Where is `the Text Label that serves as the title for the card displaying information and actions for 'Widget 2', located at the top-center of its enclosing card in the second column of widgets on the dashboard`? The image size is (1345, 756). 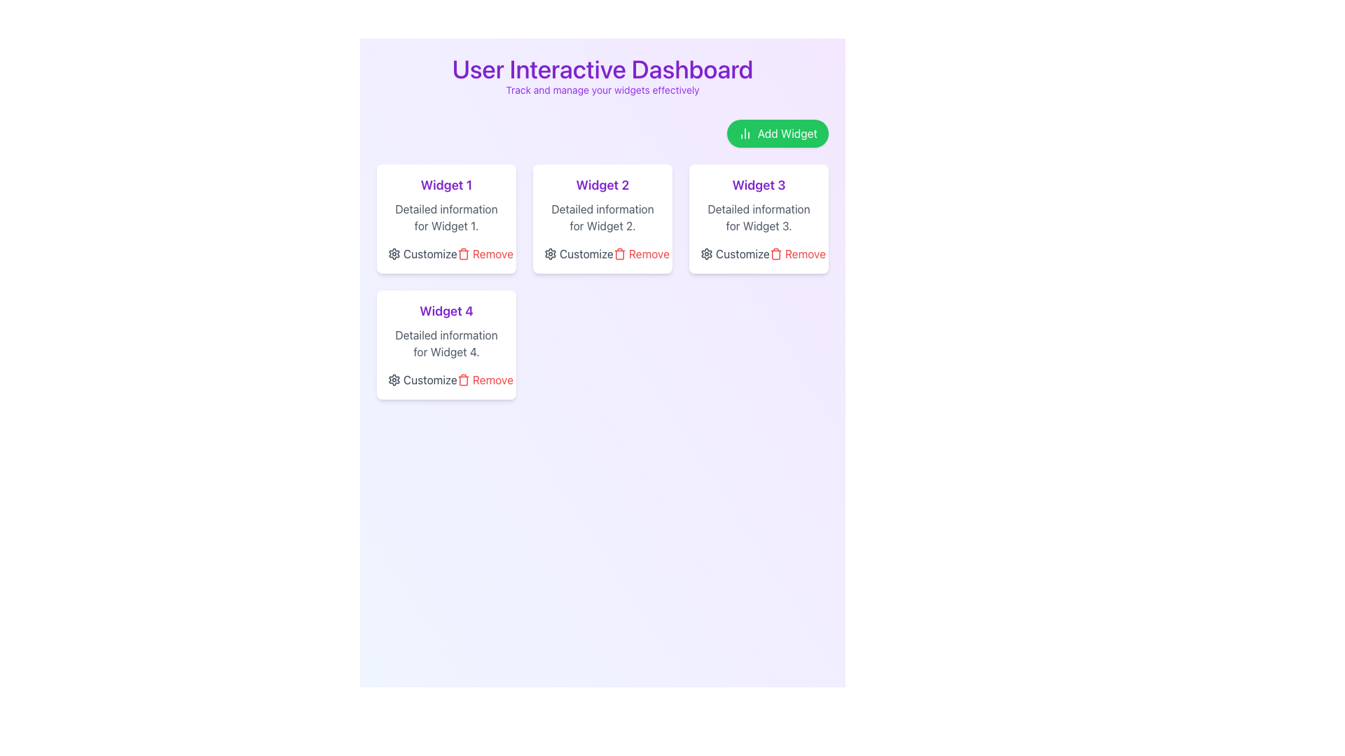
the Text Label that serves as the title for the card displaying information and actions for 'Widget 2', located at the top-center of its enclosing card in the second column of widgets on the dashboard is located at coordinates (602, 185).